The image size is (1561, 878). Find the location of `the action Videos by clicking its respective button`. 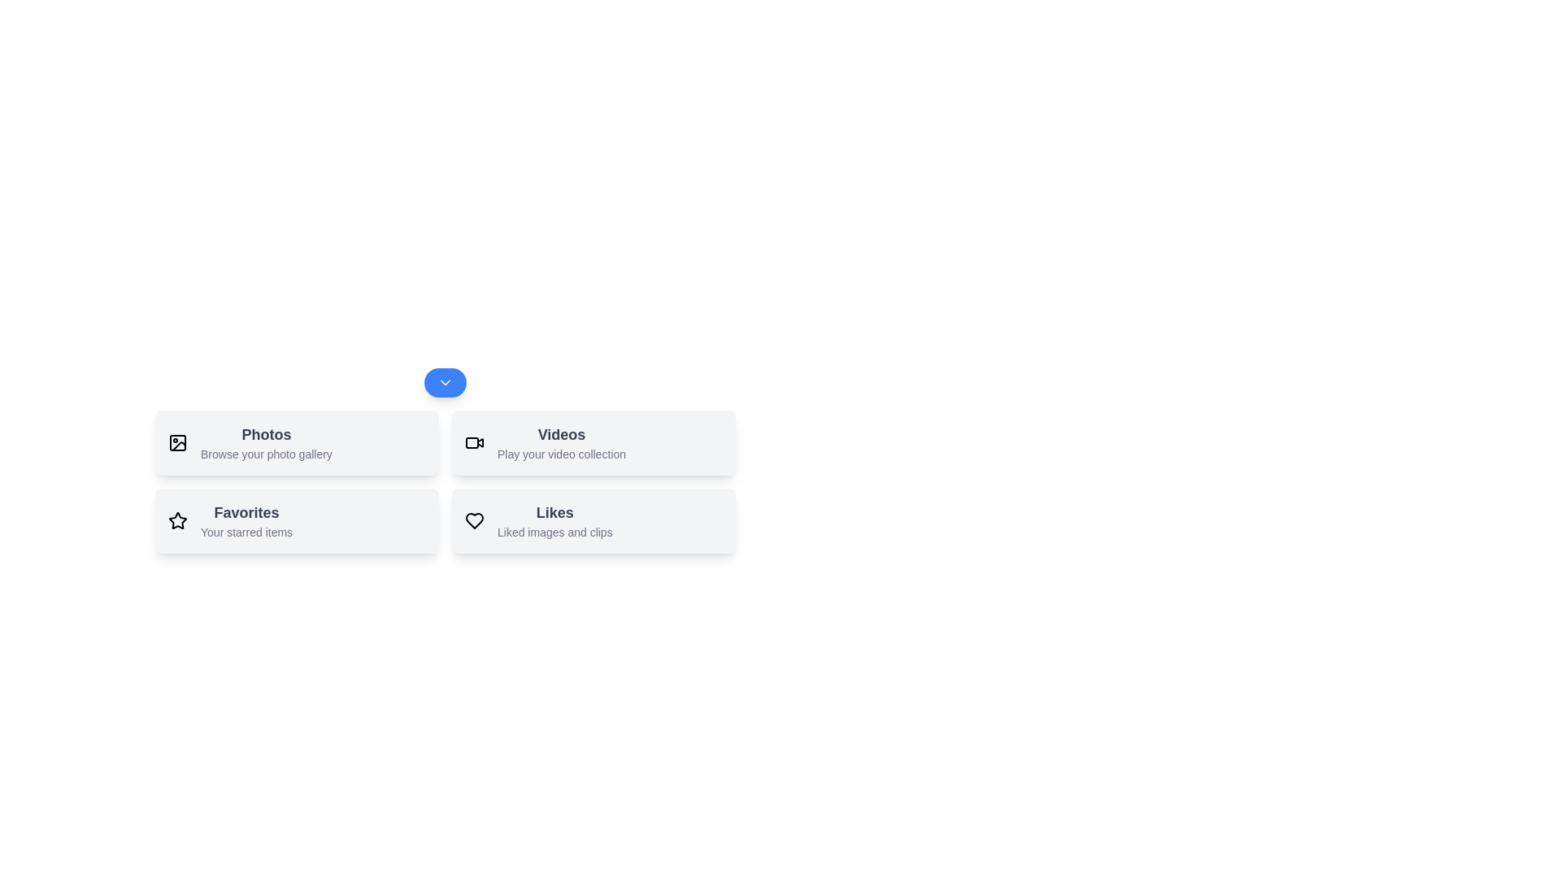

the action Videos by clicking its respective button is located at coordinates (593, 442).